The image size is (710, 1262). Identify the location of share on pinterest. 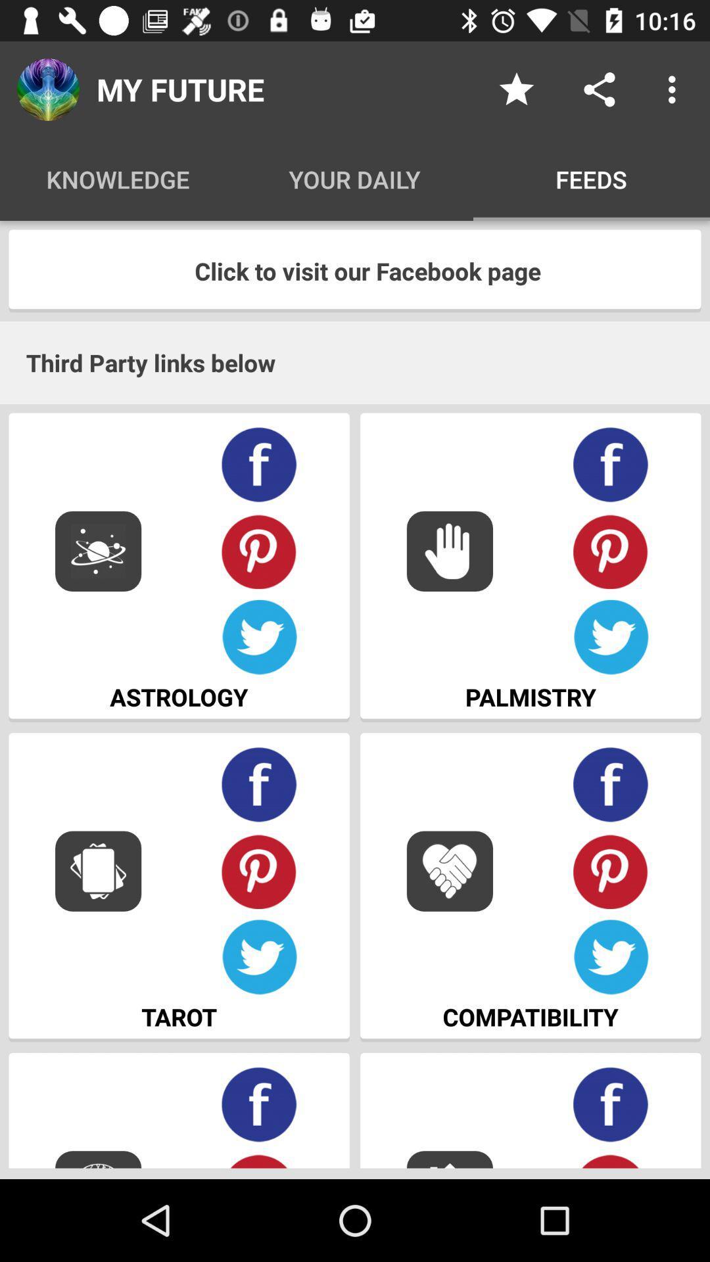
(611, 551).